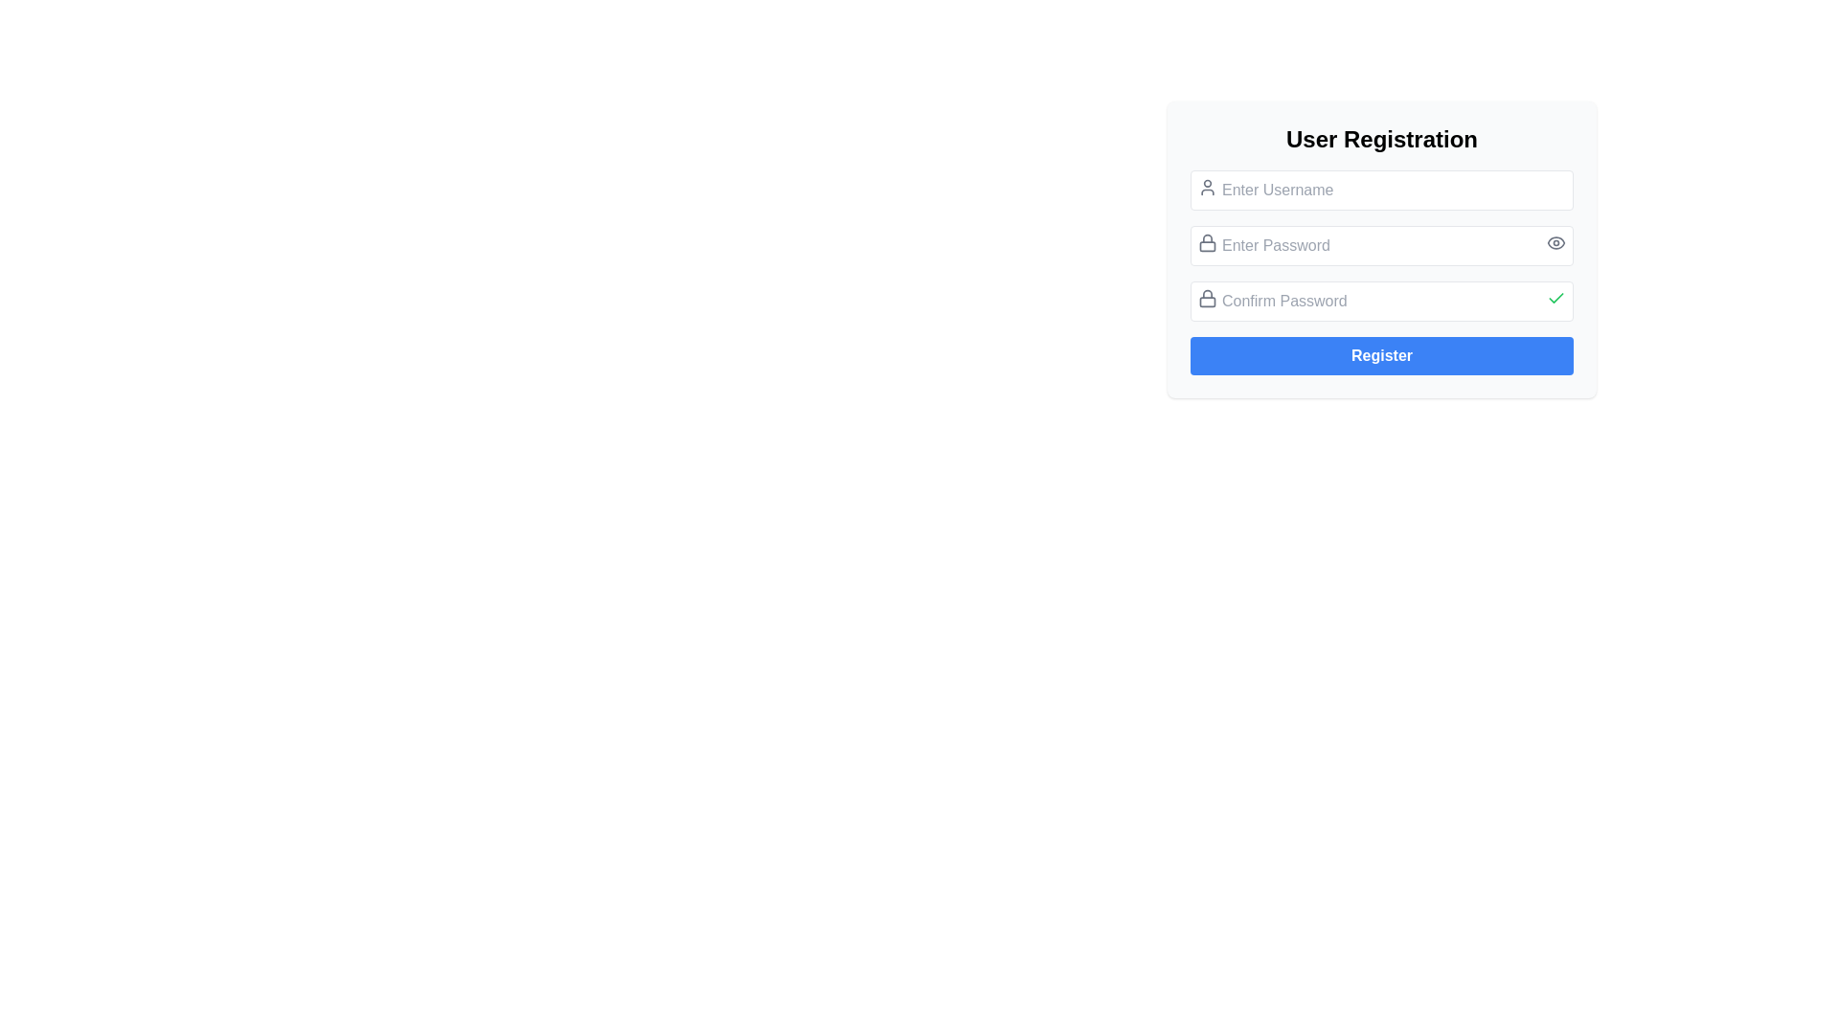 The width and height of the screenshot is (1839, 1034). I want to click on the gray lock icon with rounded stroke edges, located to the left of the 'Enter Password' input field in the password entry form, so click(1207, 242).